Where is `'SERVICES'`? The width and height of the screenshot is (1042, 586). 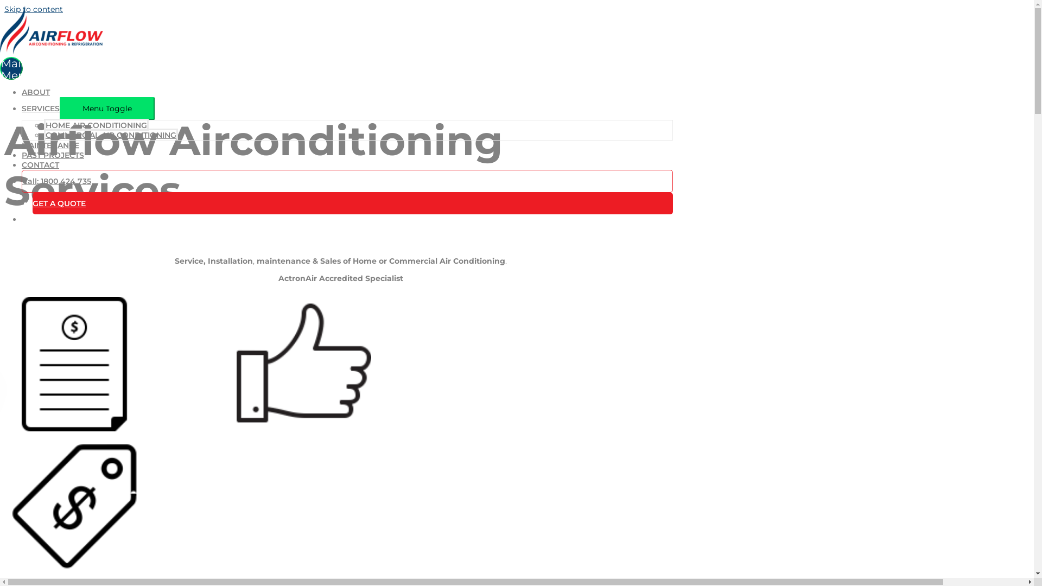 'SERVICES' is located at coordinates (41, 109).